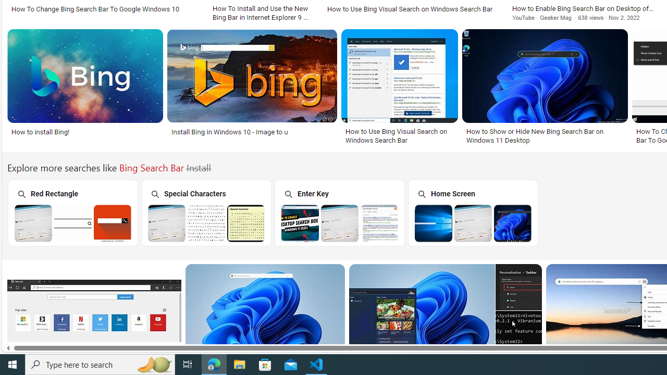  Describe the element at coordinates (339, 212) in the screenshot. I see `'Enter Key'` at that location.